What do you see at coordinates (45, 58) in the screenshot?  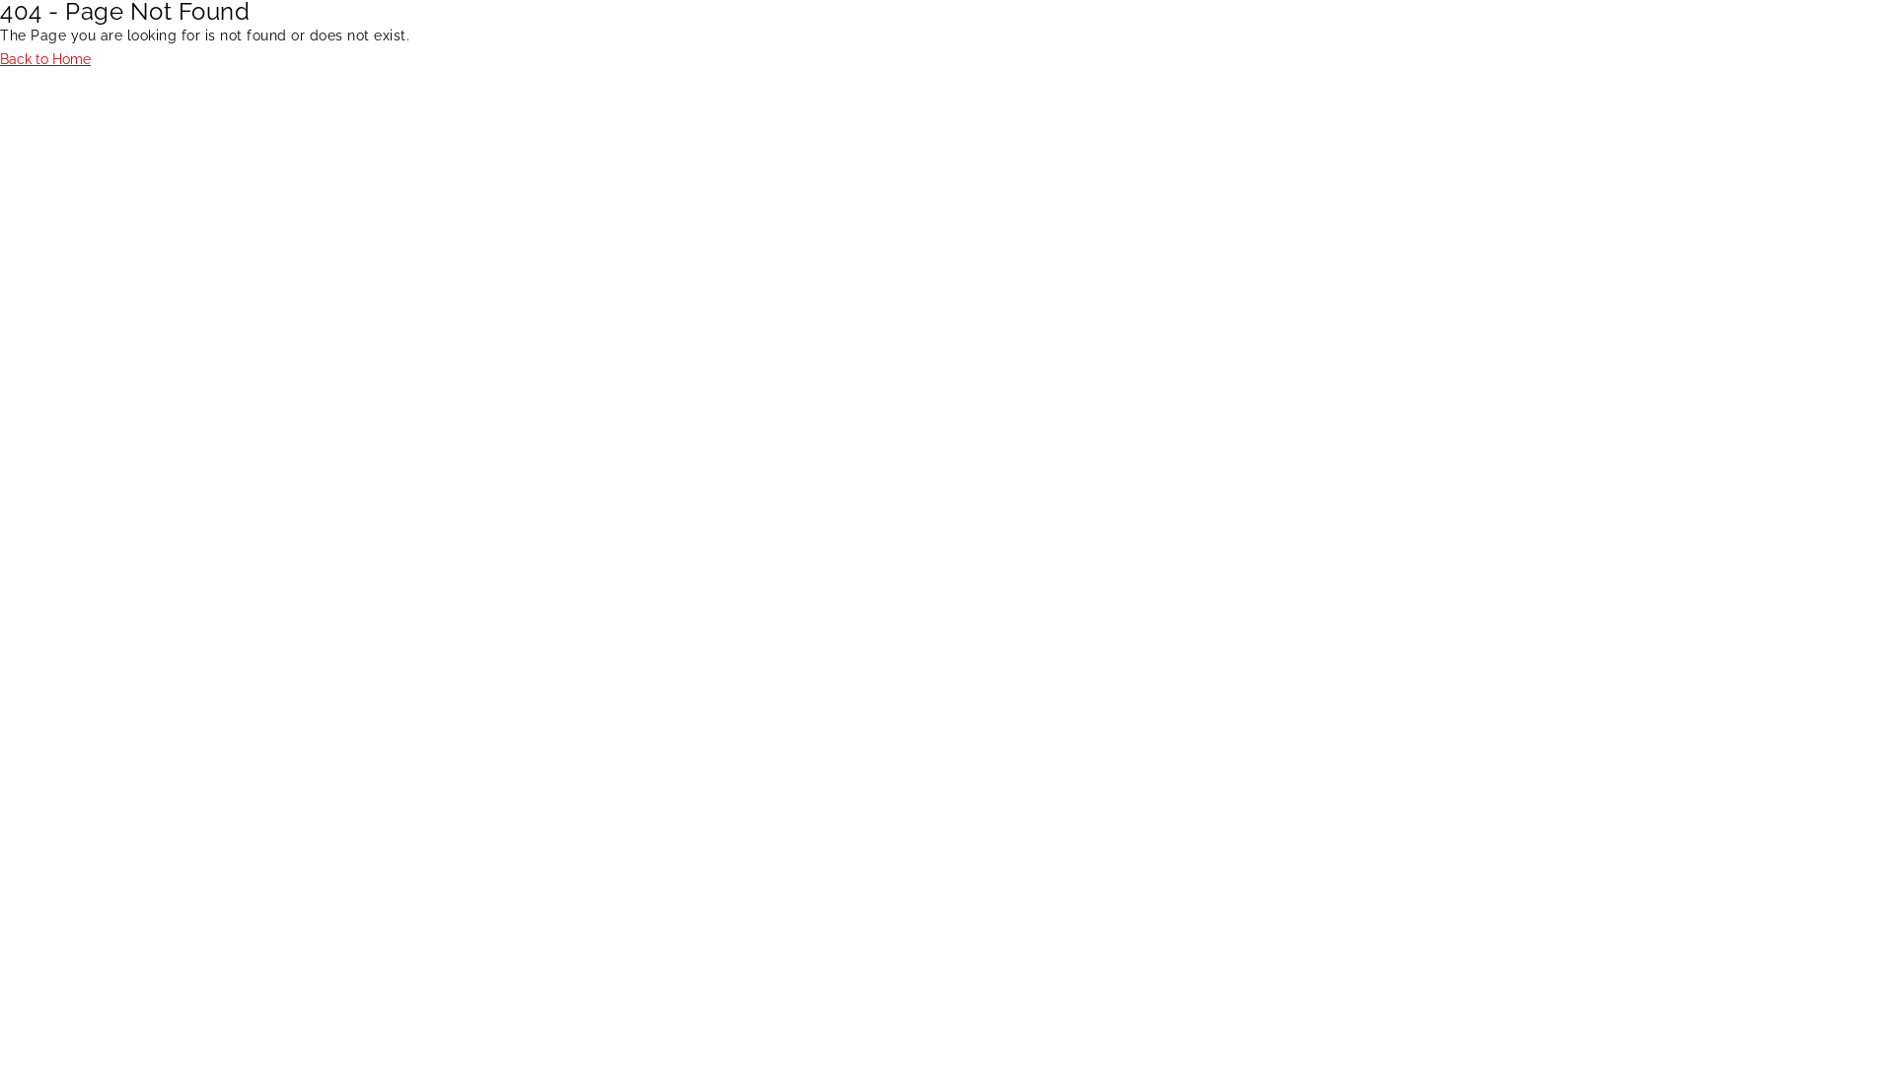 I see `'Back to Home'` at bounding box center [45, 58].